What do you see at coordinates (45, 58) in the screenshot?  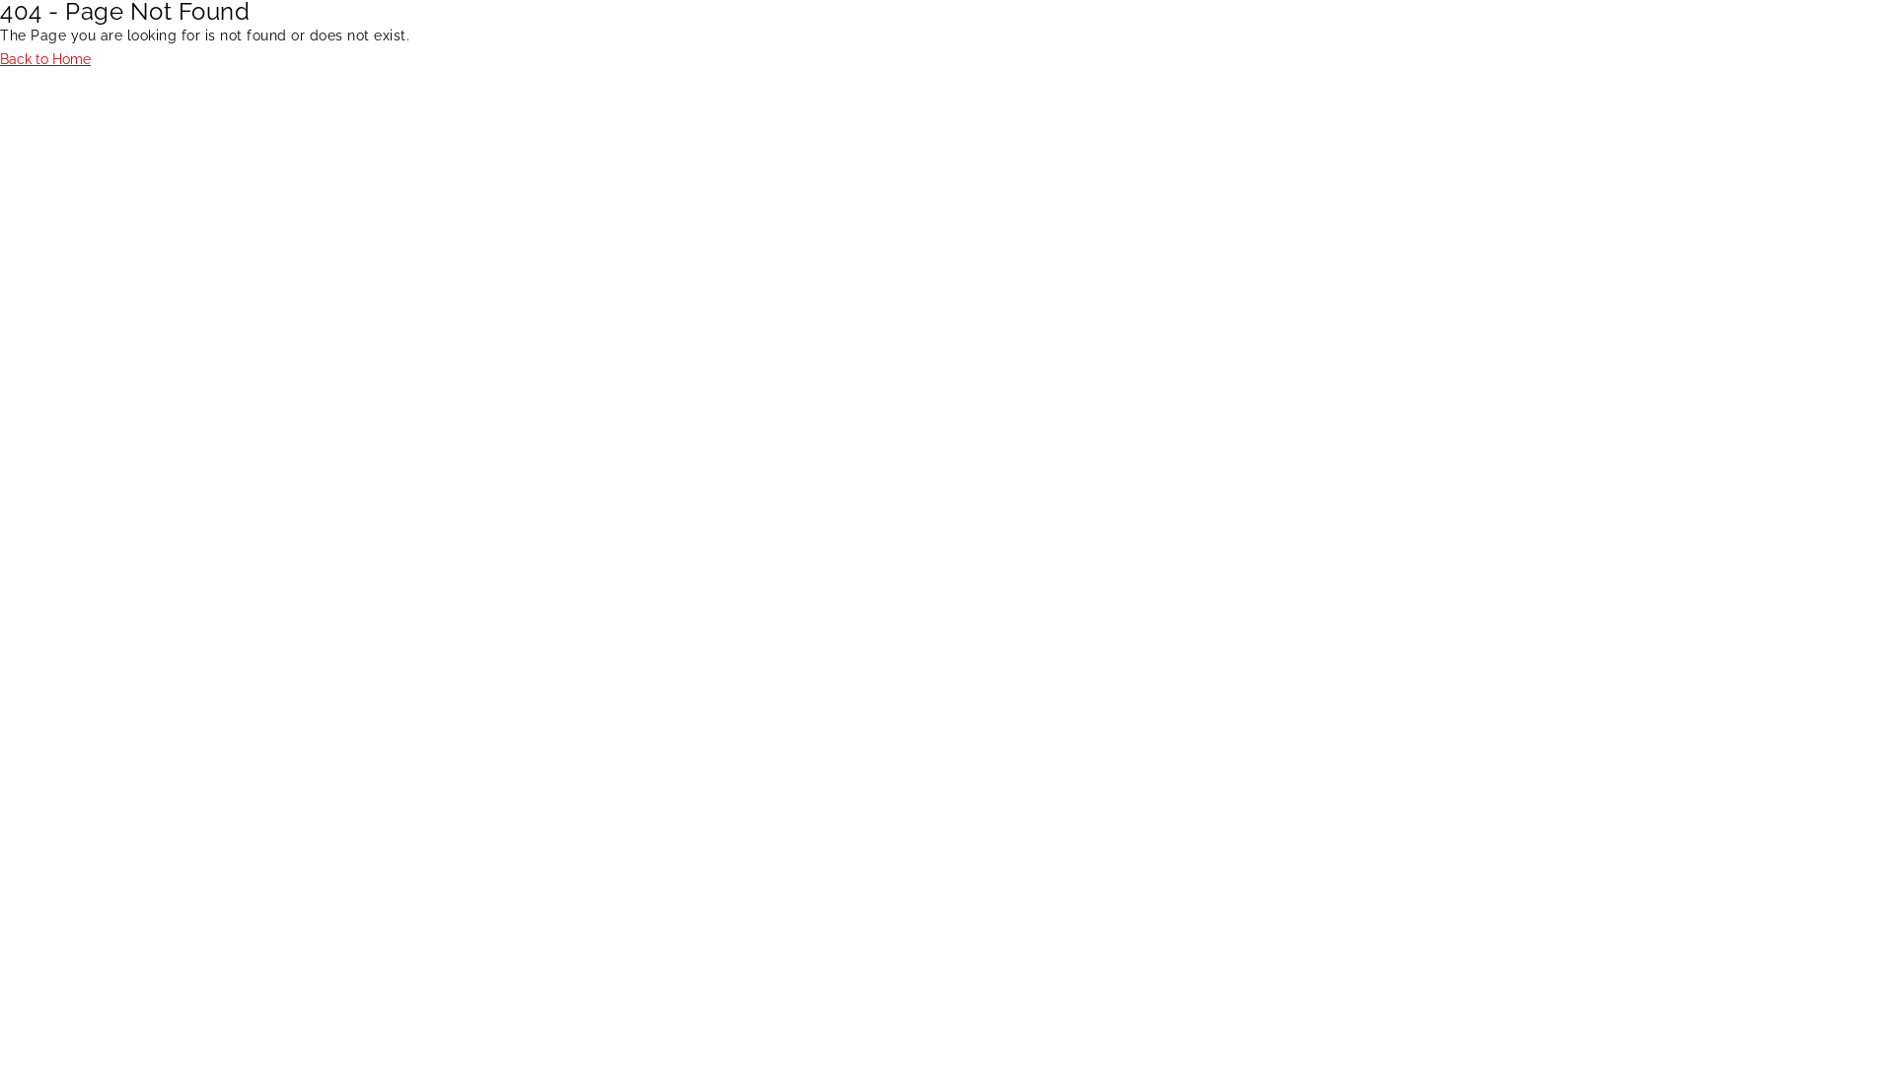 I see `'Back to Home'` at bounding box center [45, 58].